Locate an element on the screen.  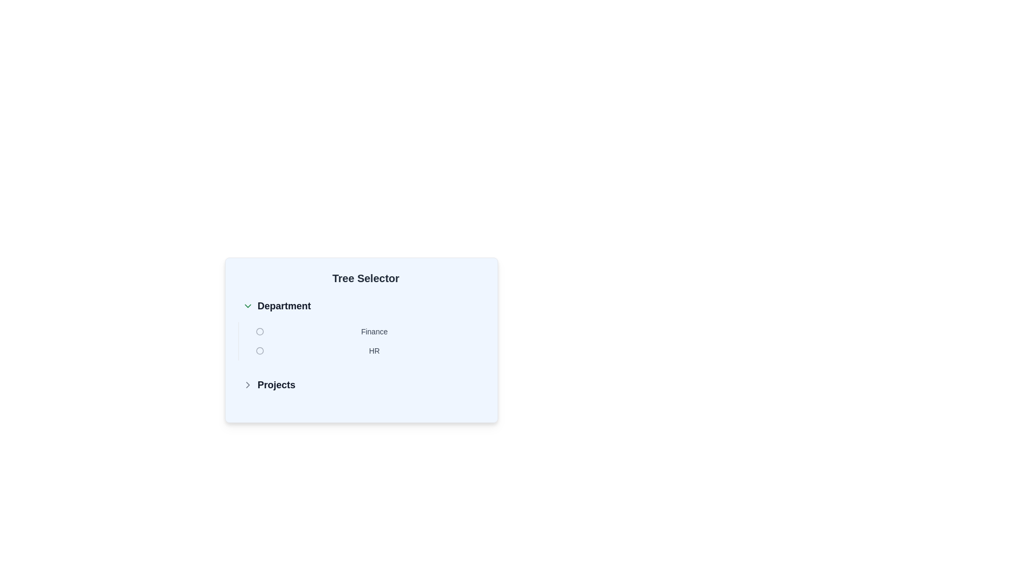
the small circular gray icon with an outlined border located to the immediate left of the 'HR' text in the expandable list under the 'Department' category is located at coordinates (260, 351).